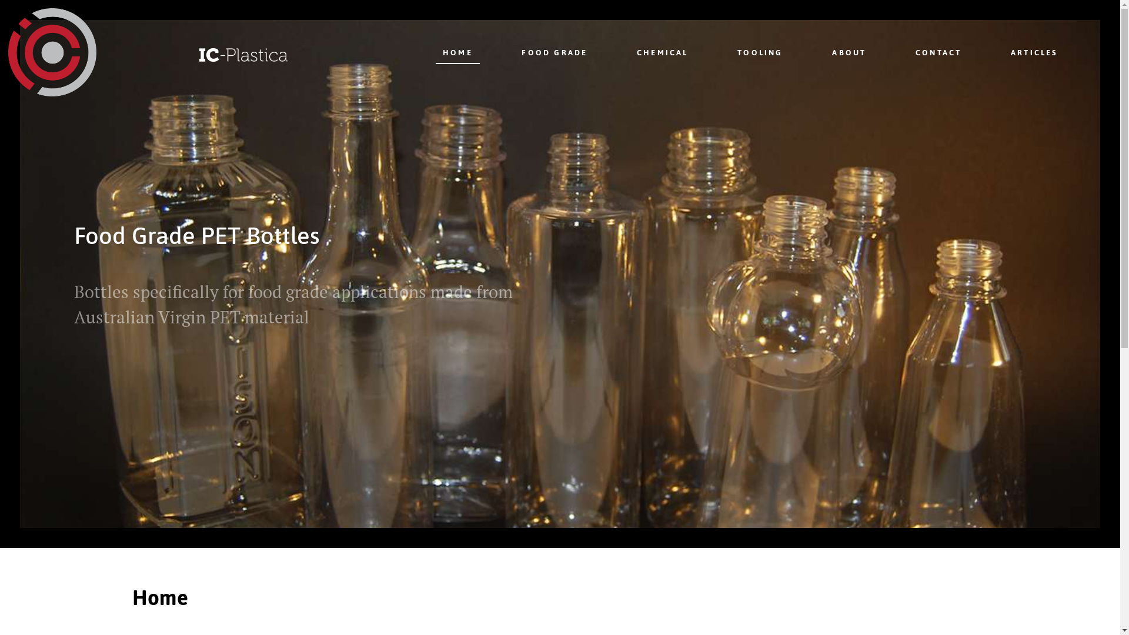 The width and height of the screenshot is (1129, 635). Describe the element at coordinates (435, 51) in the screenshot. I see `'HOME'` at that location.